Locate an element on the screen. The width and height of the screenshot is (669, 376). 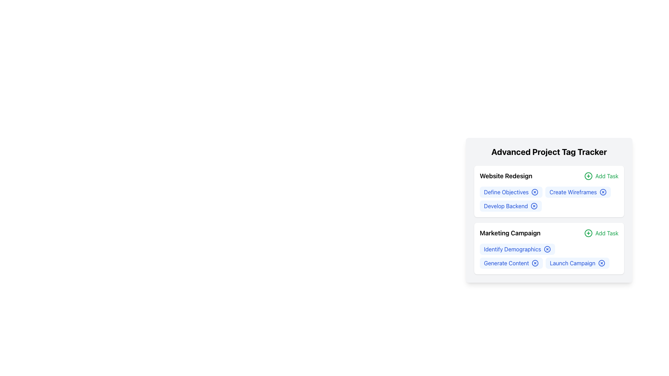
the circular vector shape that represents a close or cancel action, located in the 'Website Redesign' section under the task 'Develop Backend' in the 'Advanced Project Tag Tracker' card is located at coordinates (534, 205).